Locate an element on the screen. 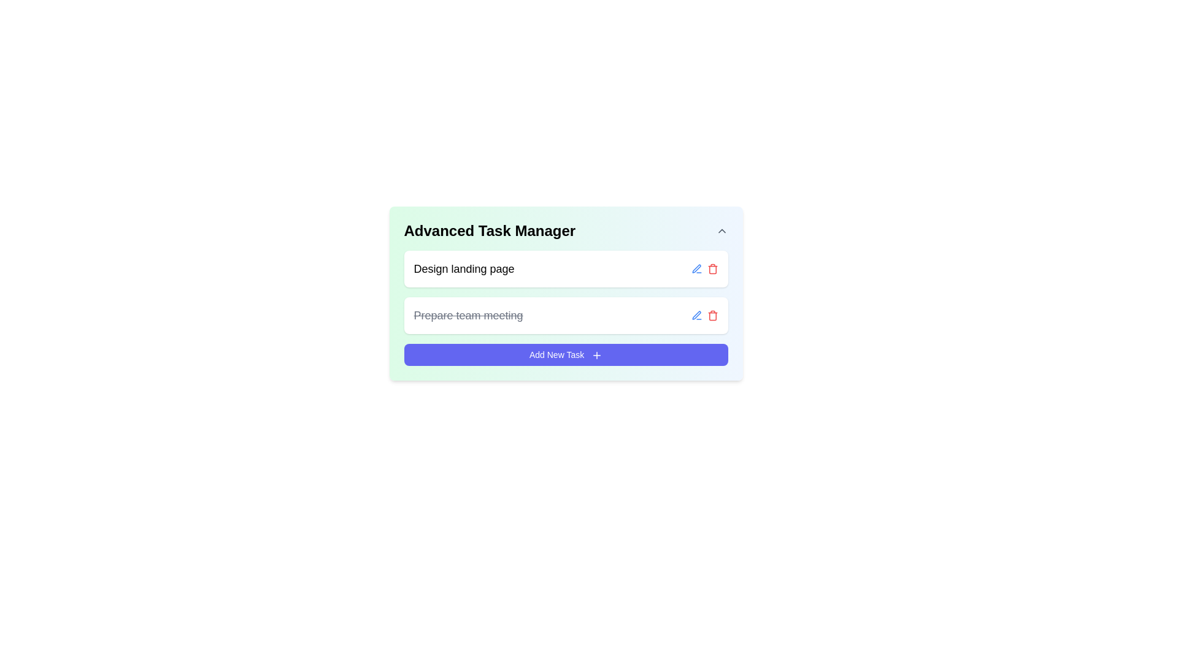 The width and height of the screenshot is (1178, 662). the 'Advanced Task Manager' text label, which is displayed in a bold and large font at the top of the task management section is located at coordinates (565, 231).